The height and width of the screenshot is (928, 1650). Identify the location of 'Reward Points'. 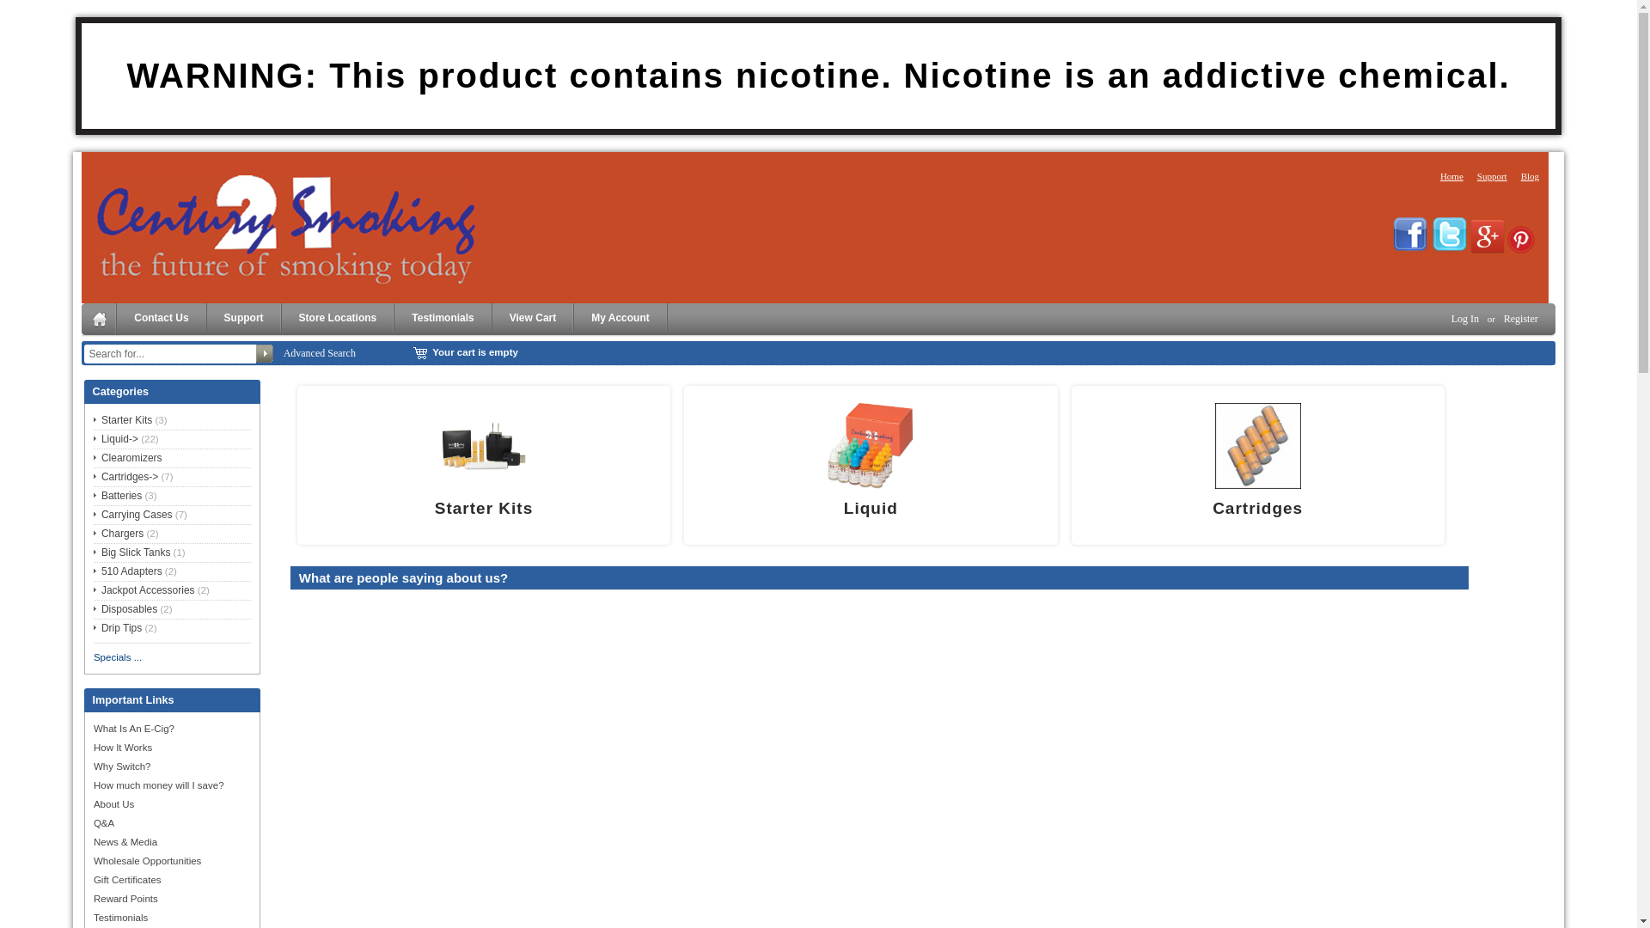
(125, 897).